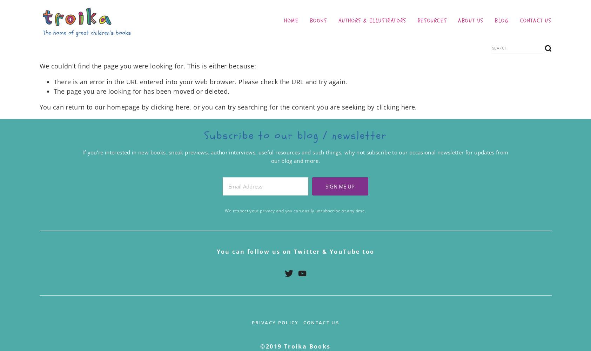 The width and height of the screenshot is (591, 351). What do you see at coordinates (321, 322) in the screenshot?
I see `'Contact Us'` at bounding box center [321, 322].